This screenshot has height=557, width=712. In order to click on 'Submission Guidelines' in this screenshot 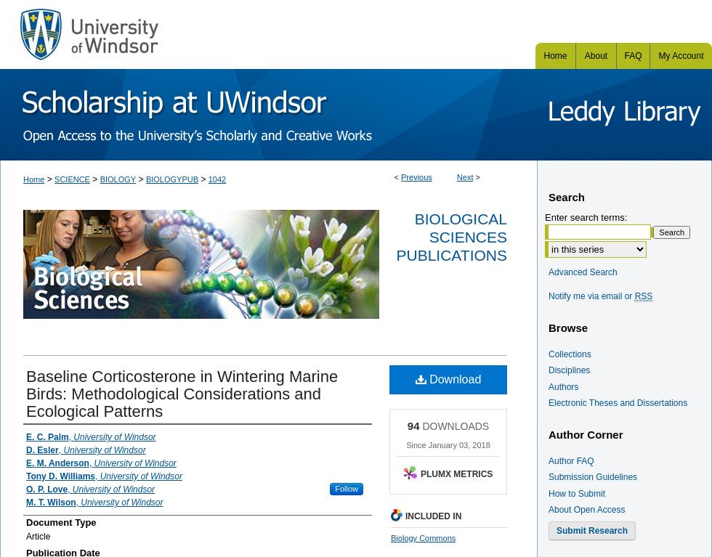, I will do `click(593, 476)`.